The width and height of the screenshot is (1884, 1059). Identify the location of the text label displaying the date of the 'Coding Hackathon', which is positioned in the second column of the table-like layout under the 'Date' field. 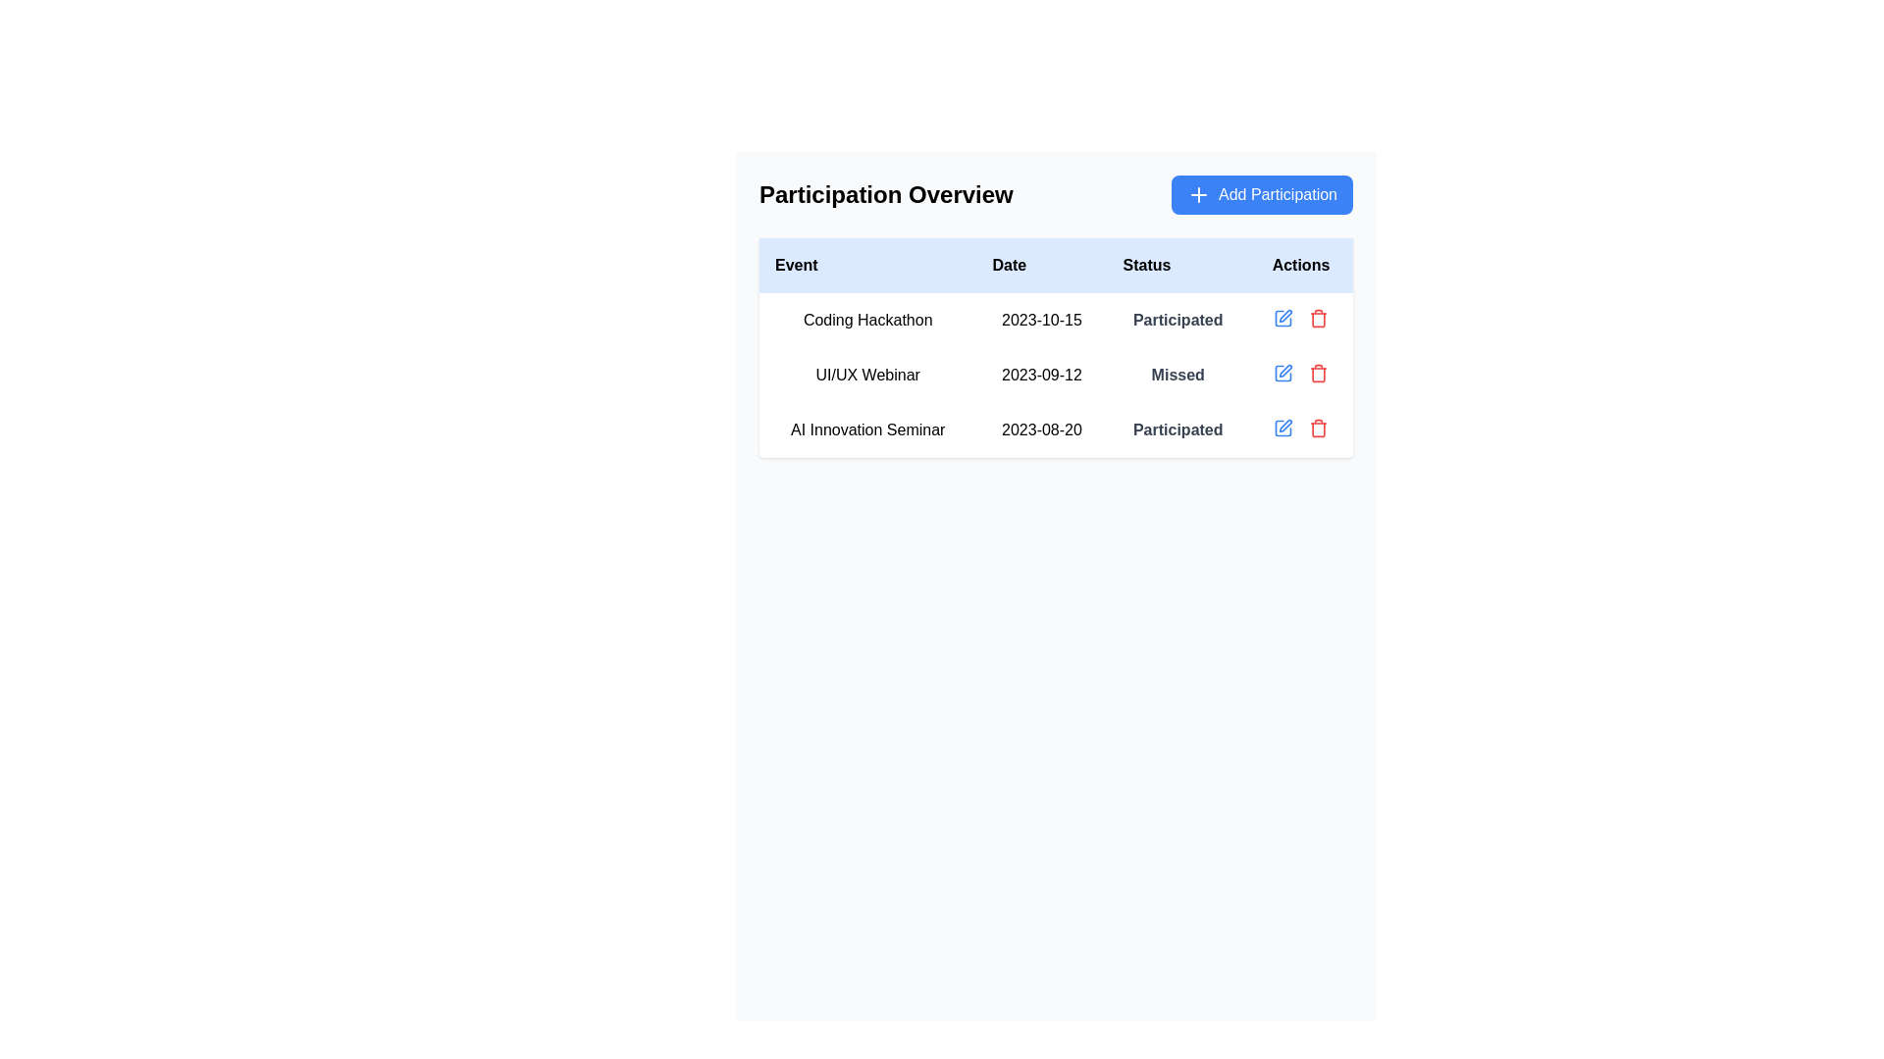
(1040, 320).